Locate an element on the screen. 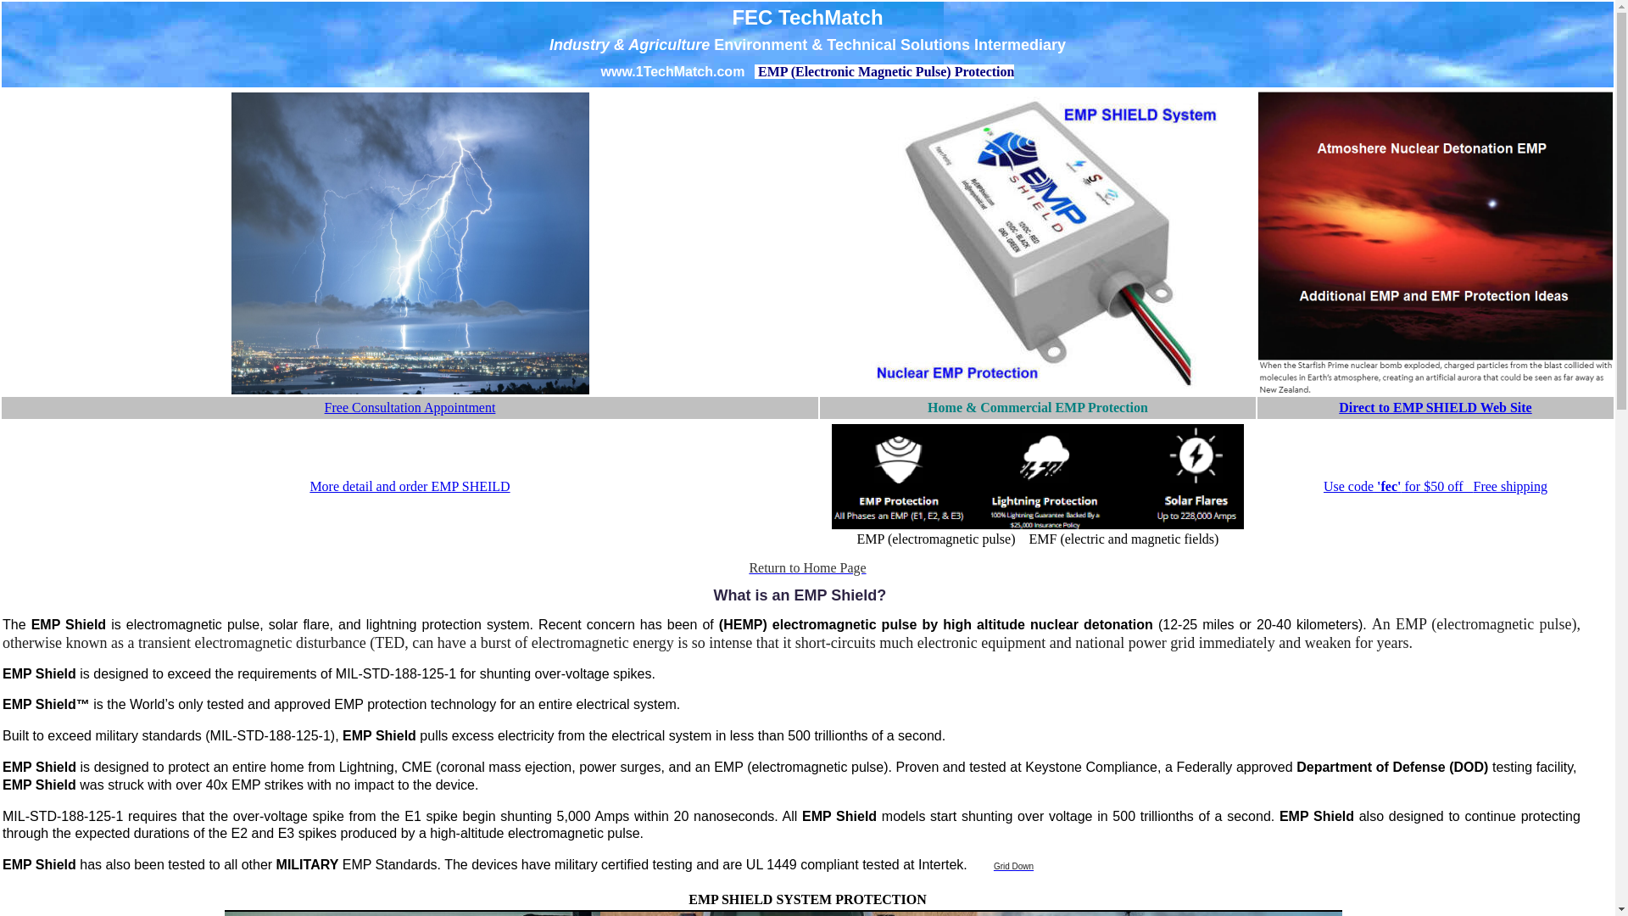 The height and width of the screenshot is (916, 1628). 'What is an EMP Shield?' is located at coordinates (800, 595).